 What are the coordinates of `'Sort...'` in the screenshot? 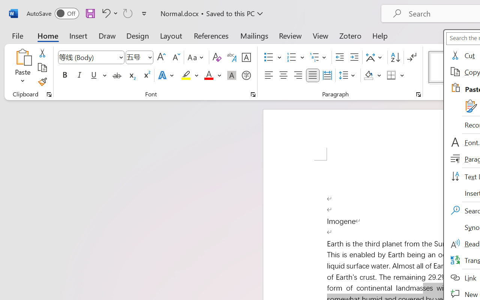 It's located at (395, 57).